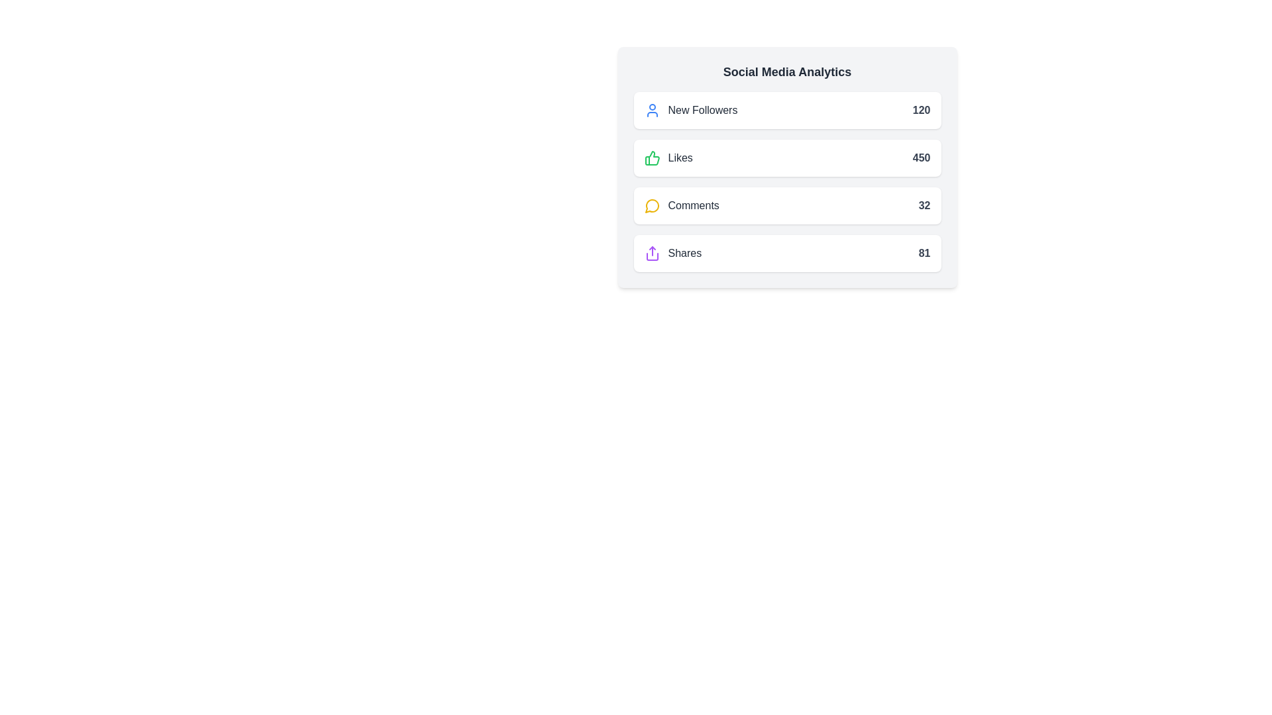 Image resolution: width=1272 pixels, height=715 pixels. Describe the element at coordinates (702, 109) in the screenshot. I see `the text label reading 'New Followers', which is styled with a medium font weight and gray color, located to the right of a user profile icon in the 'Social Media Analytics' card` at that location.